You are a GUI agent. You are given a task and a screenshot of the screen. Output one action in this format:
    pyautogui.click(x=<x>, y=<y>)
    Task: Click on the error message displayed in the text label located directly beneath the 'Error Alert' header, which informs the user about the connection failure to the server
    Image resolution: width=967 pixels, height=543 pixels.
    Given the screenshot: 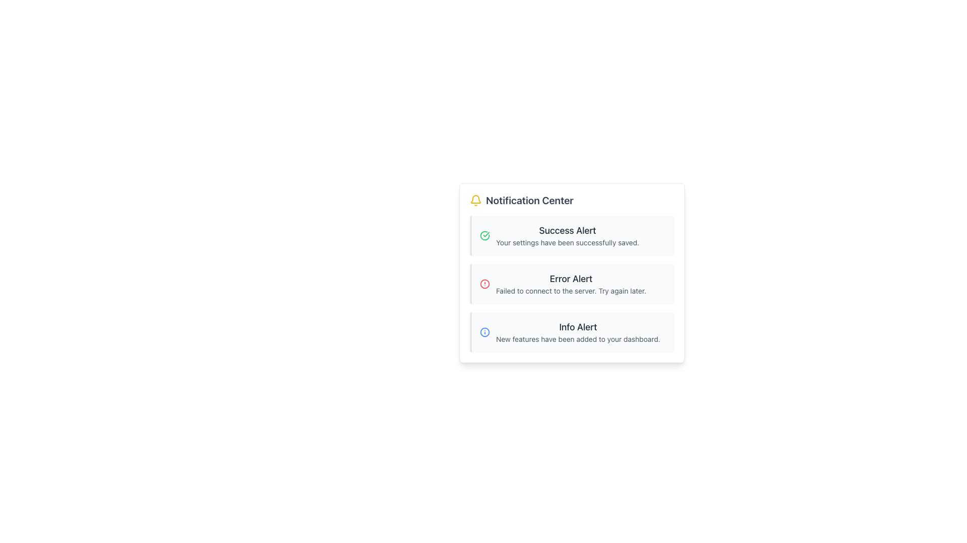 What is the action you would take?
    pyautogui.click(x=571, y=291)
    